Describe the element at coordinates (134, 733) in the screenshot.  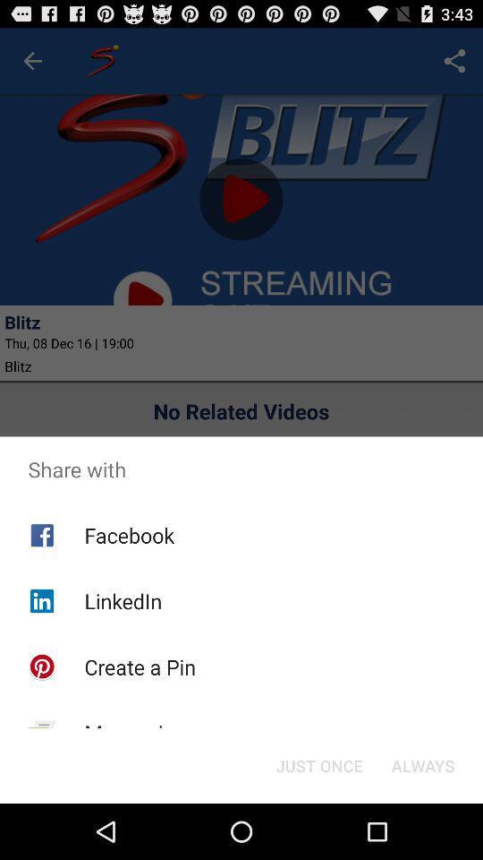
I see `icon to the left of the just once icon` at that location.